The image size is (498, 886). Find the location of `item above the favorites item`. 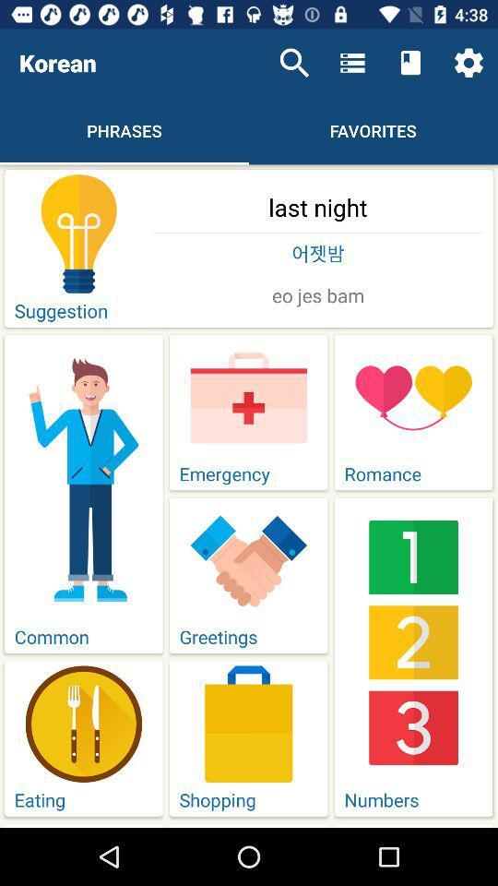

item above the favorites item is located at coordinates (352, 63).